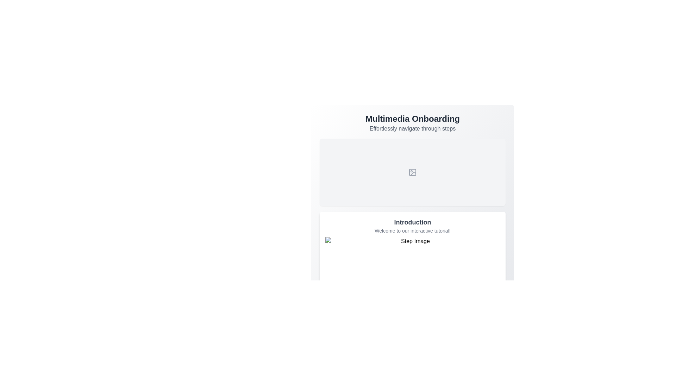 This screenshot has height=380, width=676. Describe the element at coordinates (412, 172) in the screenshot. I see `the centrally positioned image placeholder located below the 'Multimedia Onboarding' heading, which serves as a visual representation for image content` at that location.